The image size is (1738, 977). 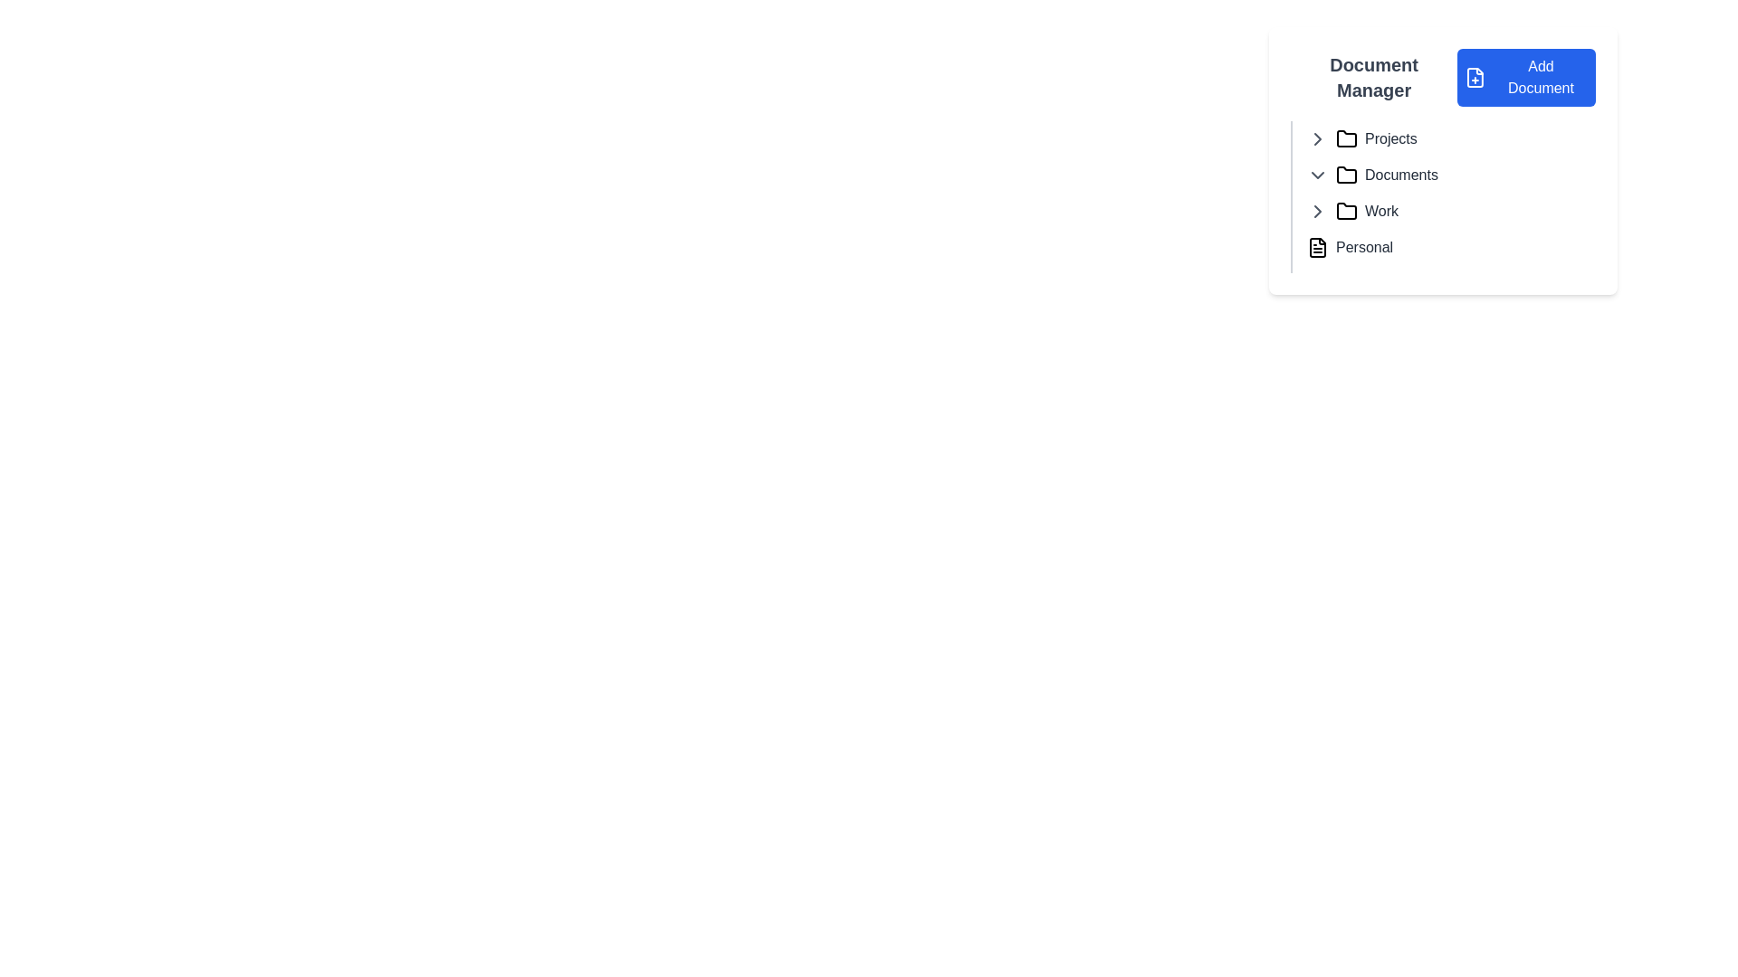 I want to click on the icon representing the 'Work' folder in the Document Manager interface, so click(x=1347, y=209).